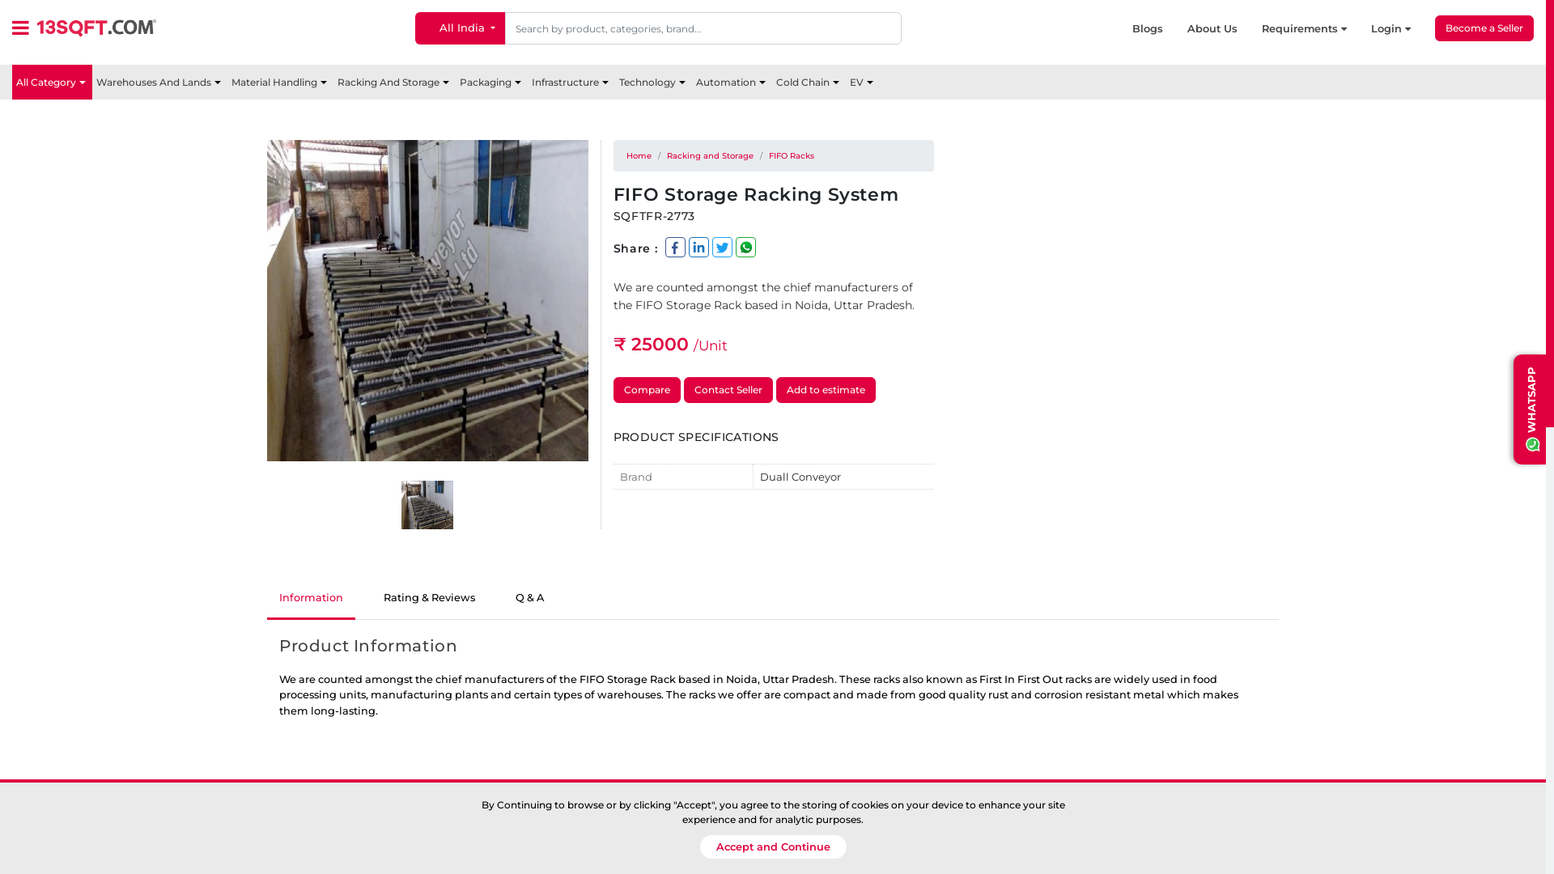  I want to click on 'Rating & Reviews', so click(429, 599).